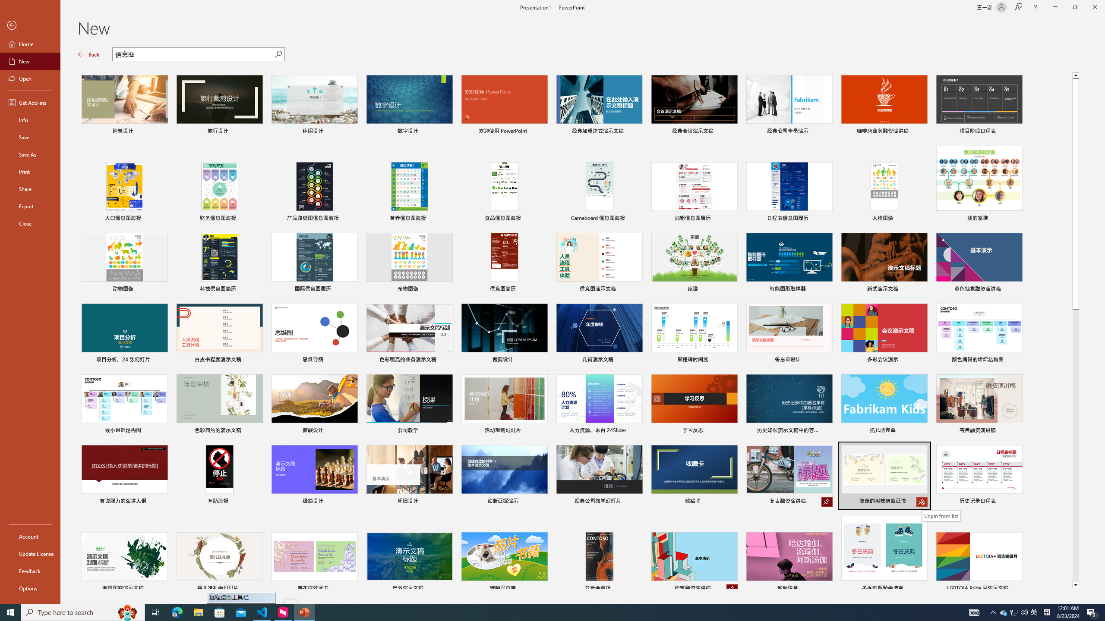 The height and width of the screenshot is (621, 1105). I want to click on 'Print', so click(30, 171).